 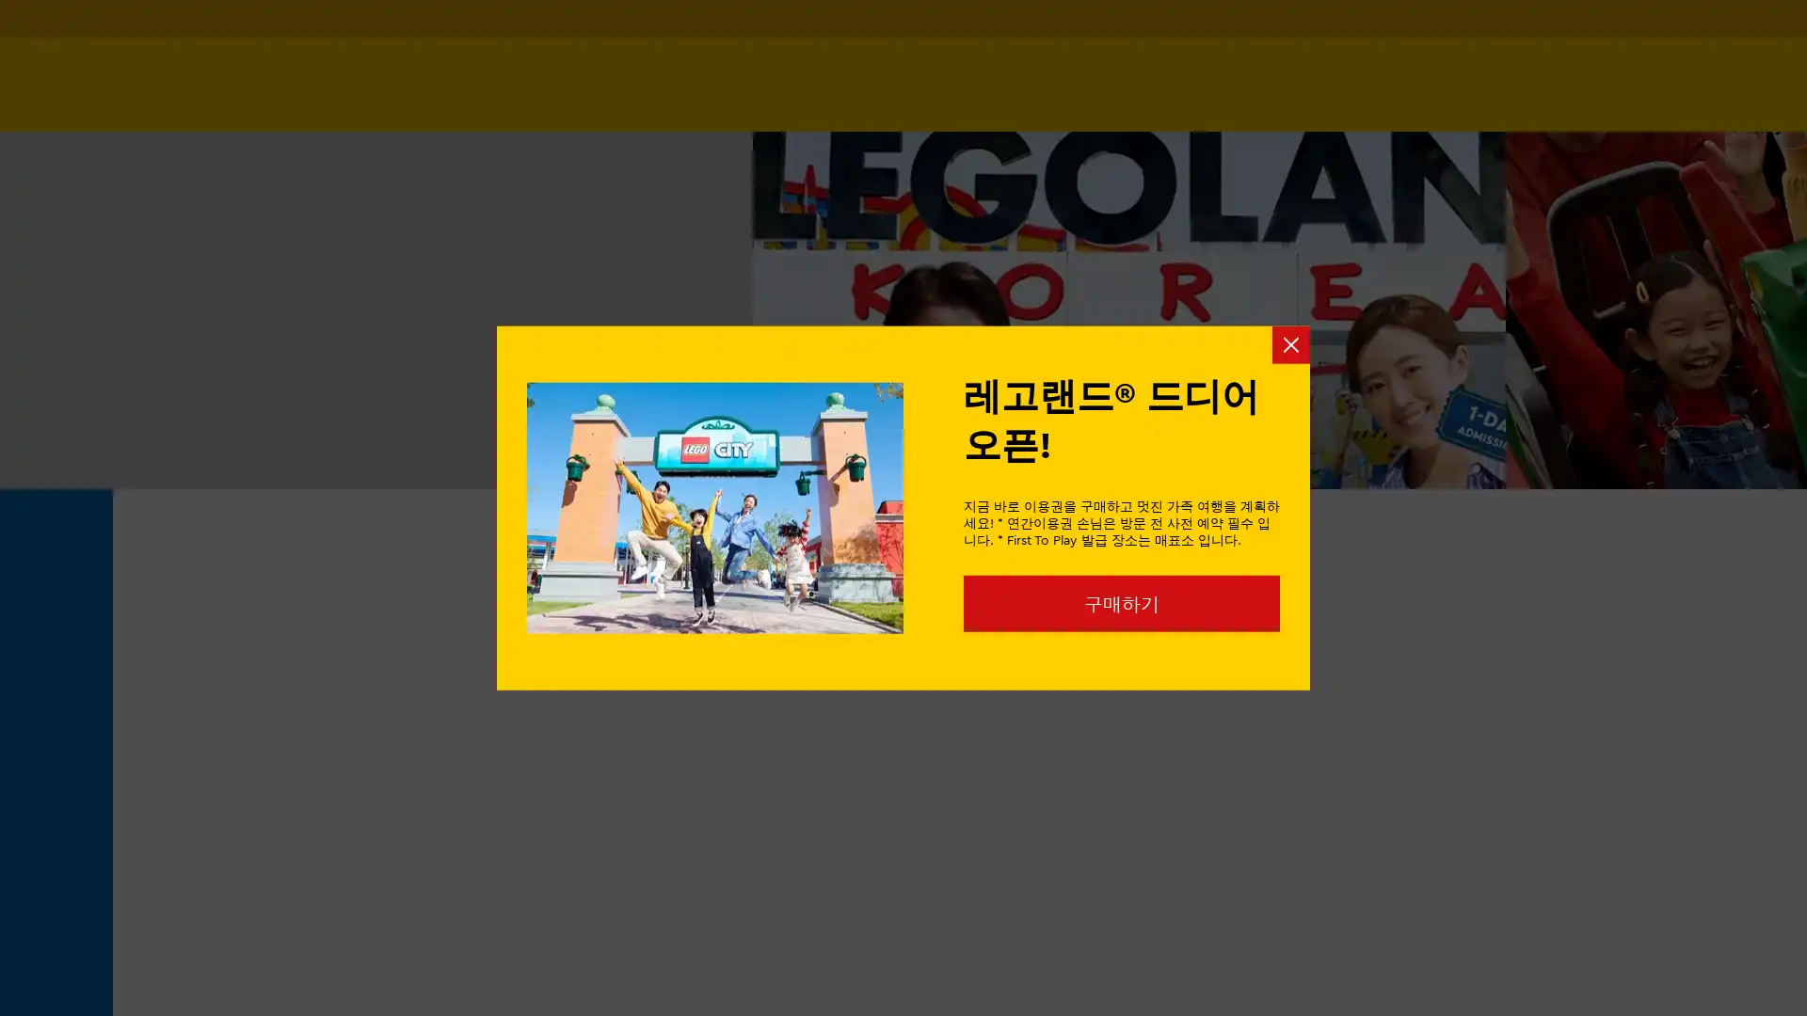 What do you see at coordinates (914, 728) in the screenshot?
I see `Go to slide 3` at bounding box center [914, 728].